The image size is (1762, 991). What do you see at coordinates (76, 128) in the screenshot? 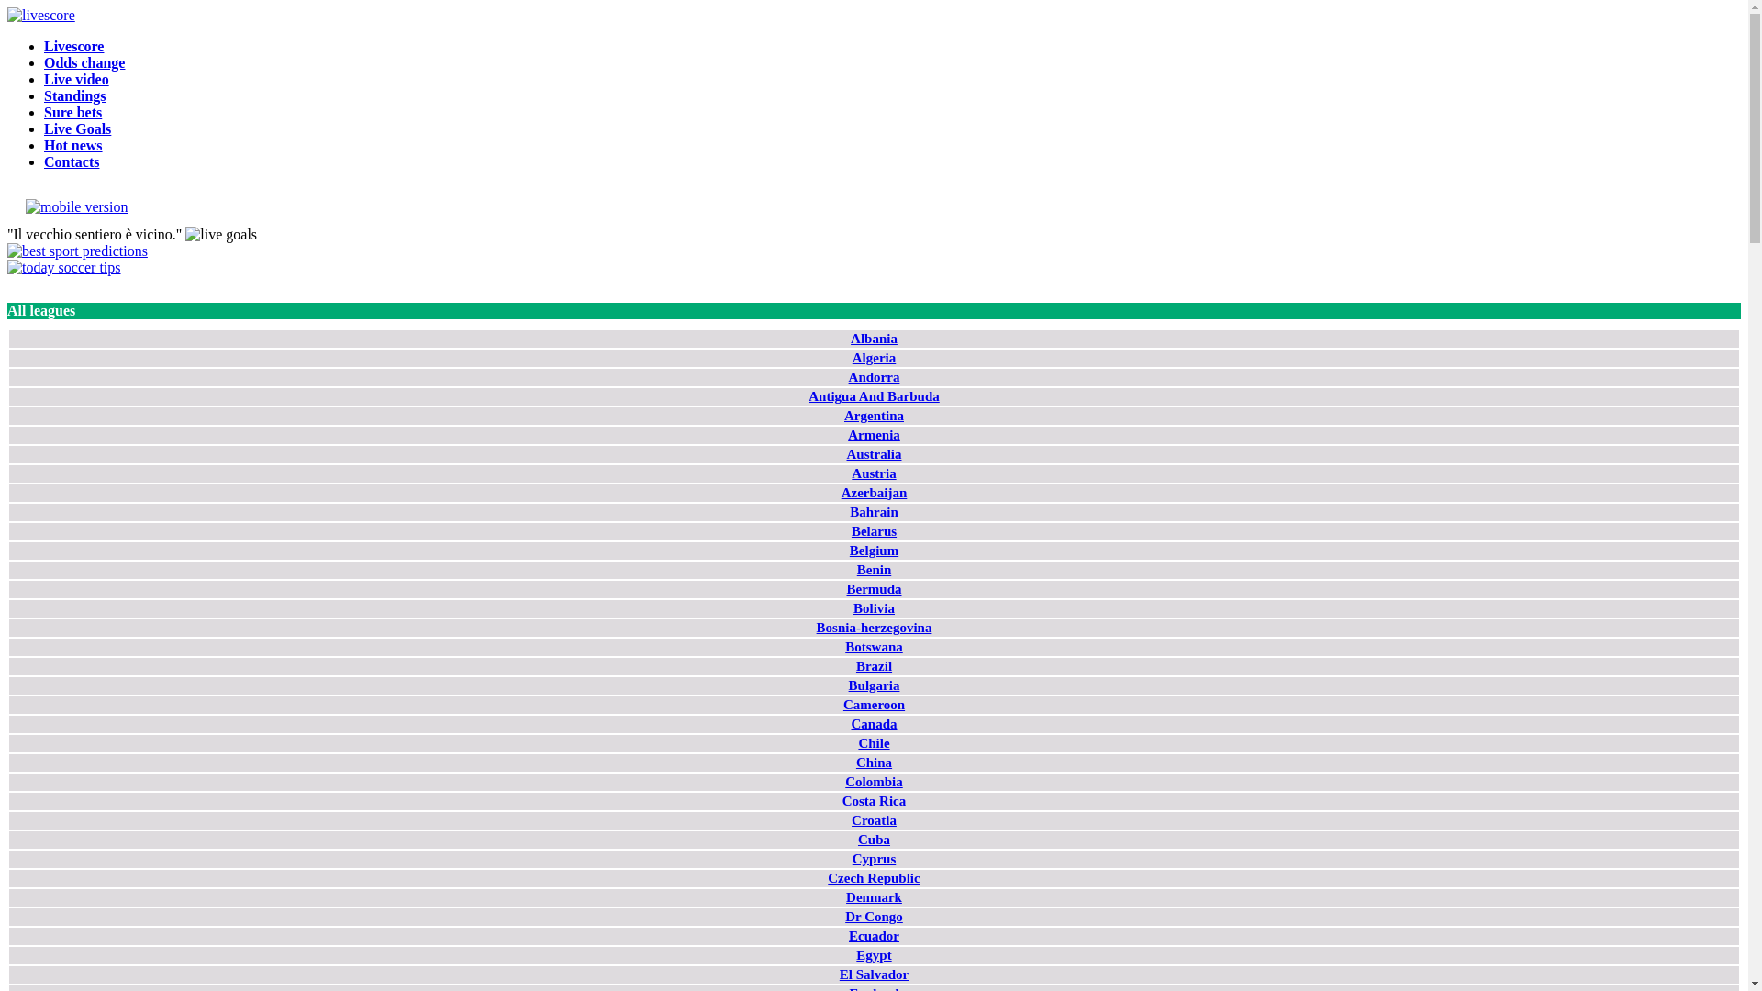
I see `'Live Goals'` at bounding box center [76, 128].